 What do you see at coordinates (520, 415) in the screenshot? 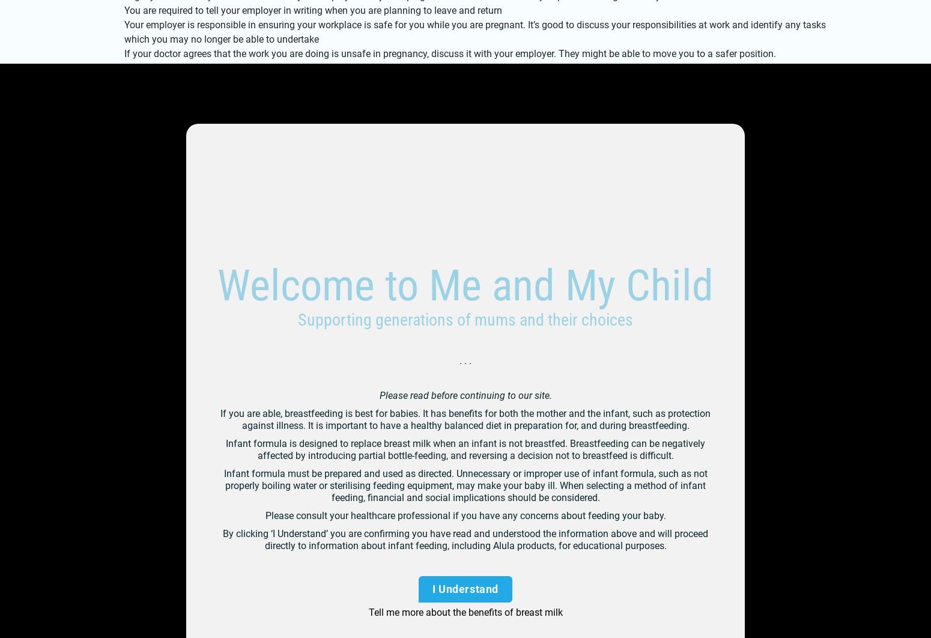
I see `'Privacy Policy'` at bounding box center [520, 415].